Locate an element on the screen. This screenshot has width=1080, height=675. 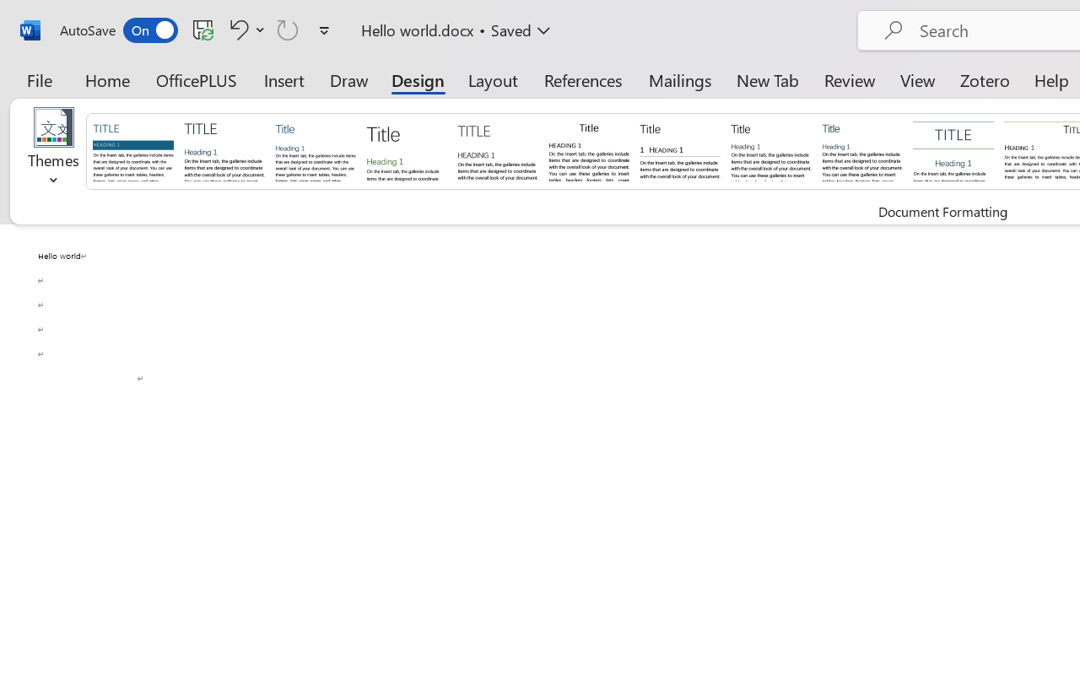
'Layout' is located at coordinates (492, 79).